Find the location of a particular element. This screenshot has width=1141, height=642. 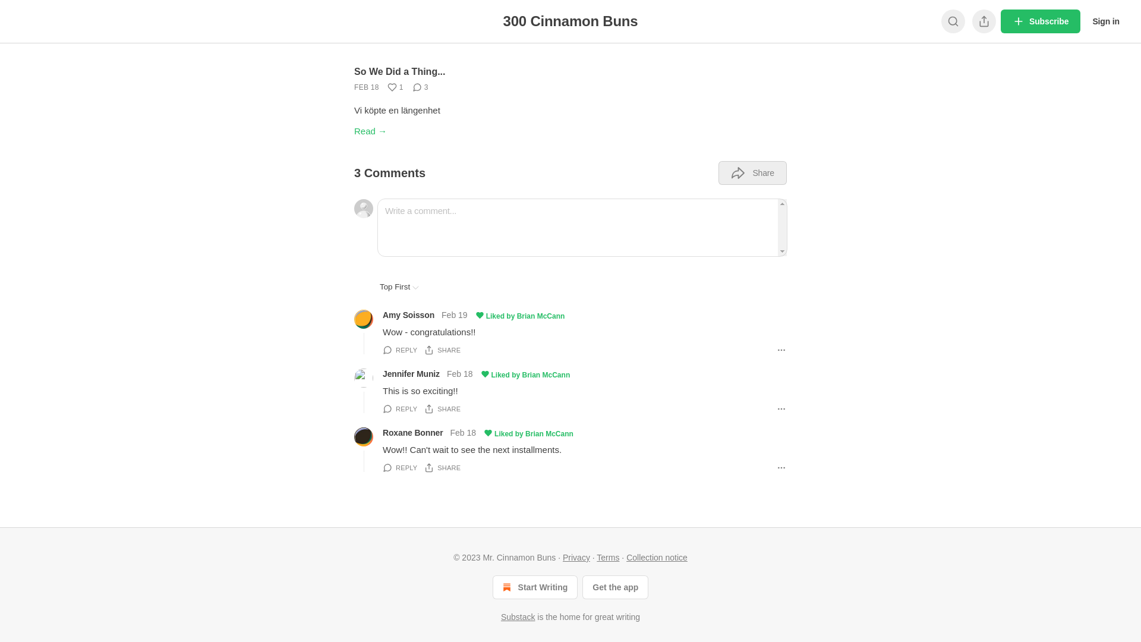

'Subscribe' is located at coordinates (1040, 21).